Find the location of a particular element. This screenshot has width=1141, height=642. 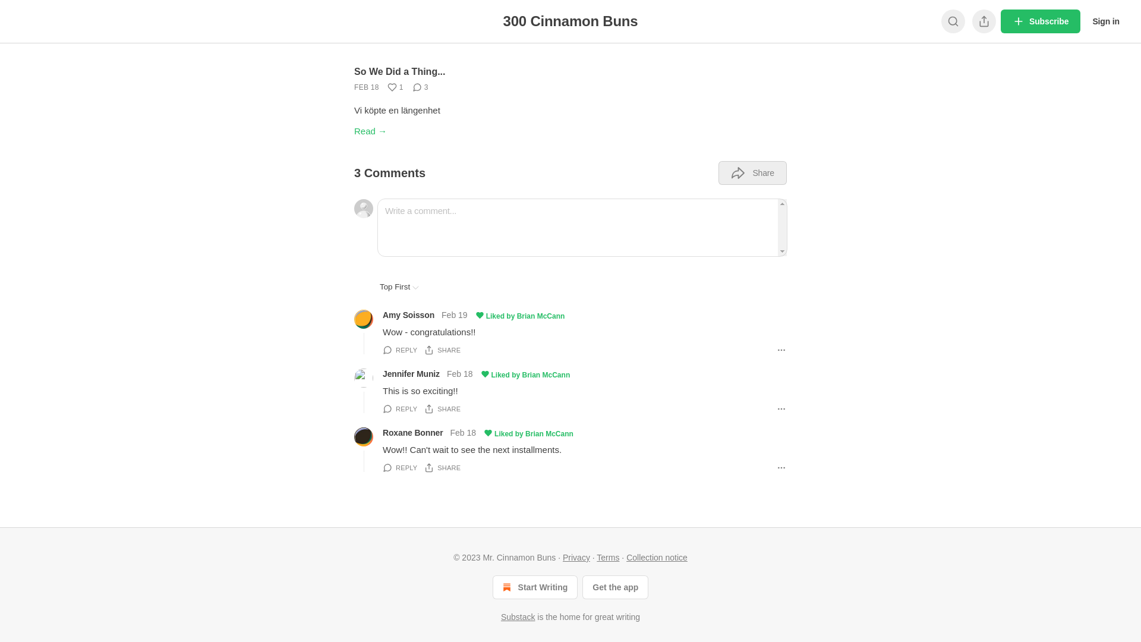

'Subscribe' is located at coordinates (1040, 21).